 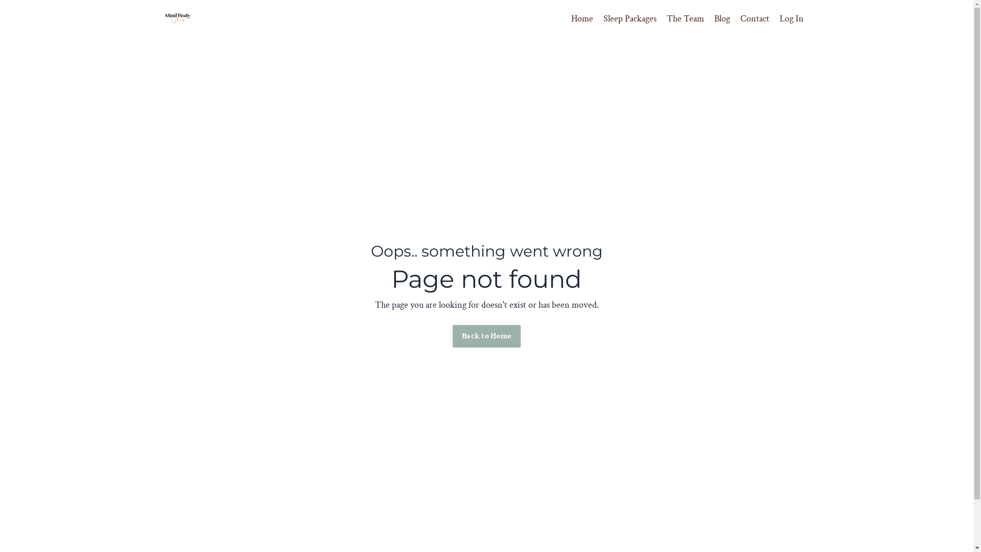 What do you see at coordinates (629, 19) in the screenshot?
I see `'Sleep Packages'` at bounding box center [629, 19].